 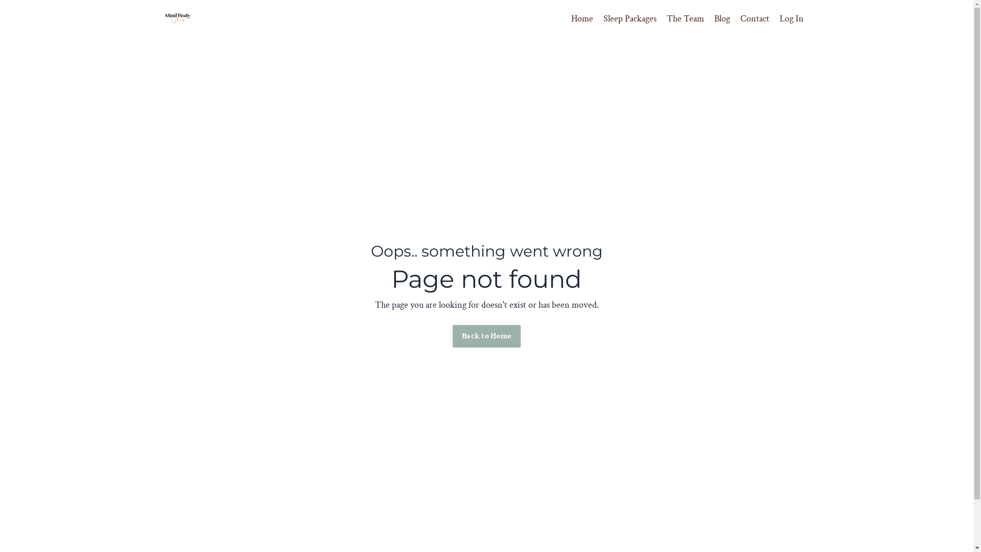 What do you see at coordinates (629, 19) in the screenshot?
I see `'Sleep Packages'` at bounding box center [629, 19].